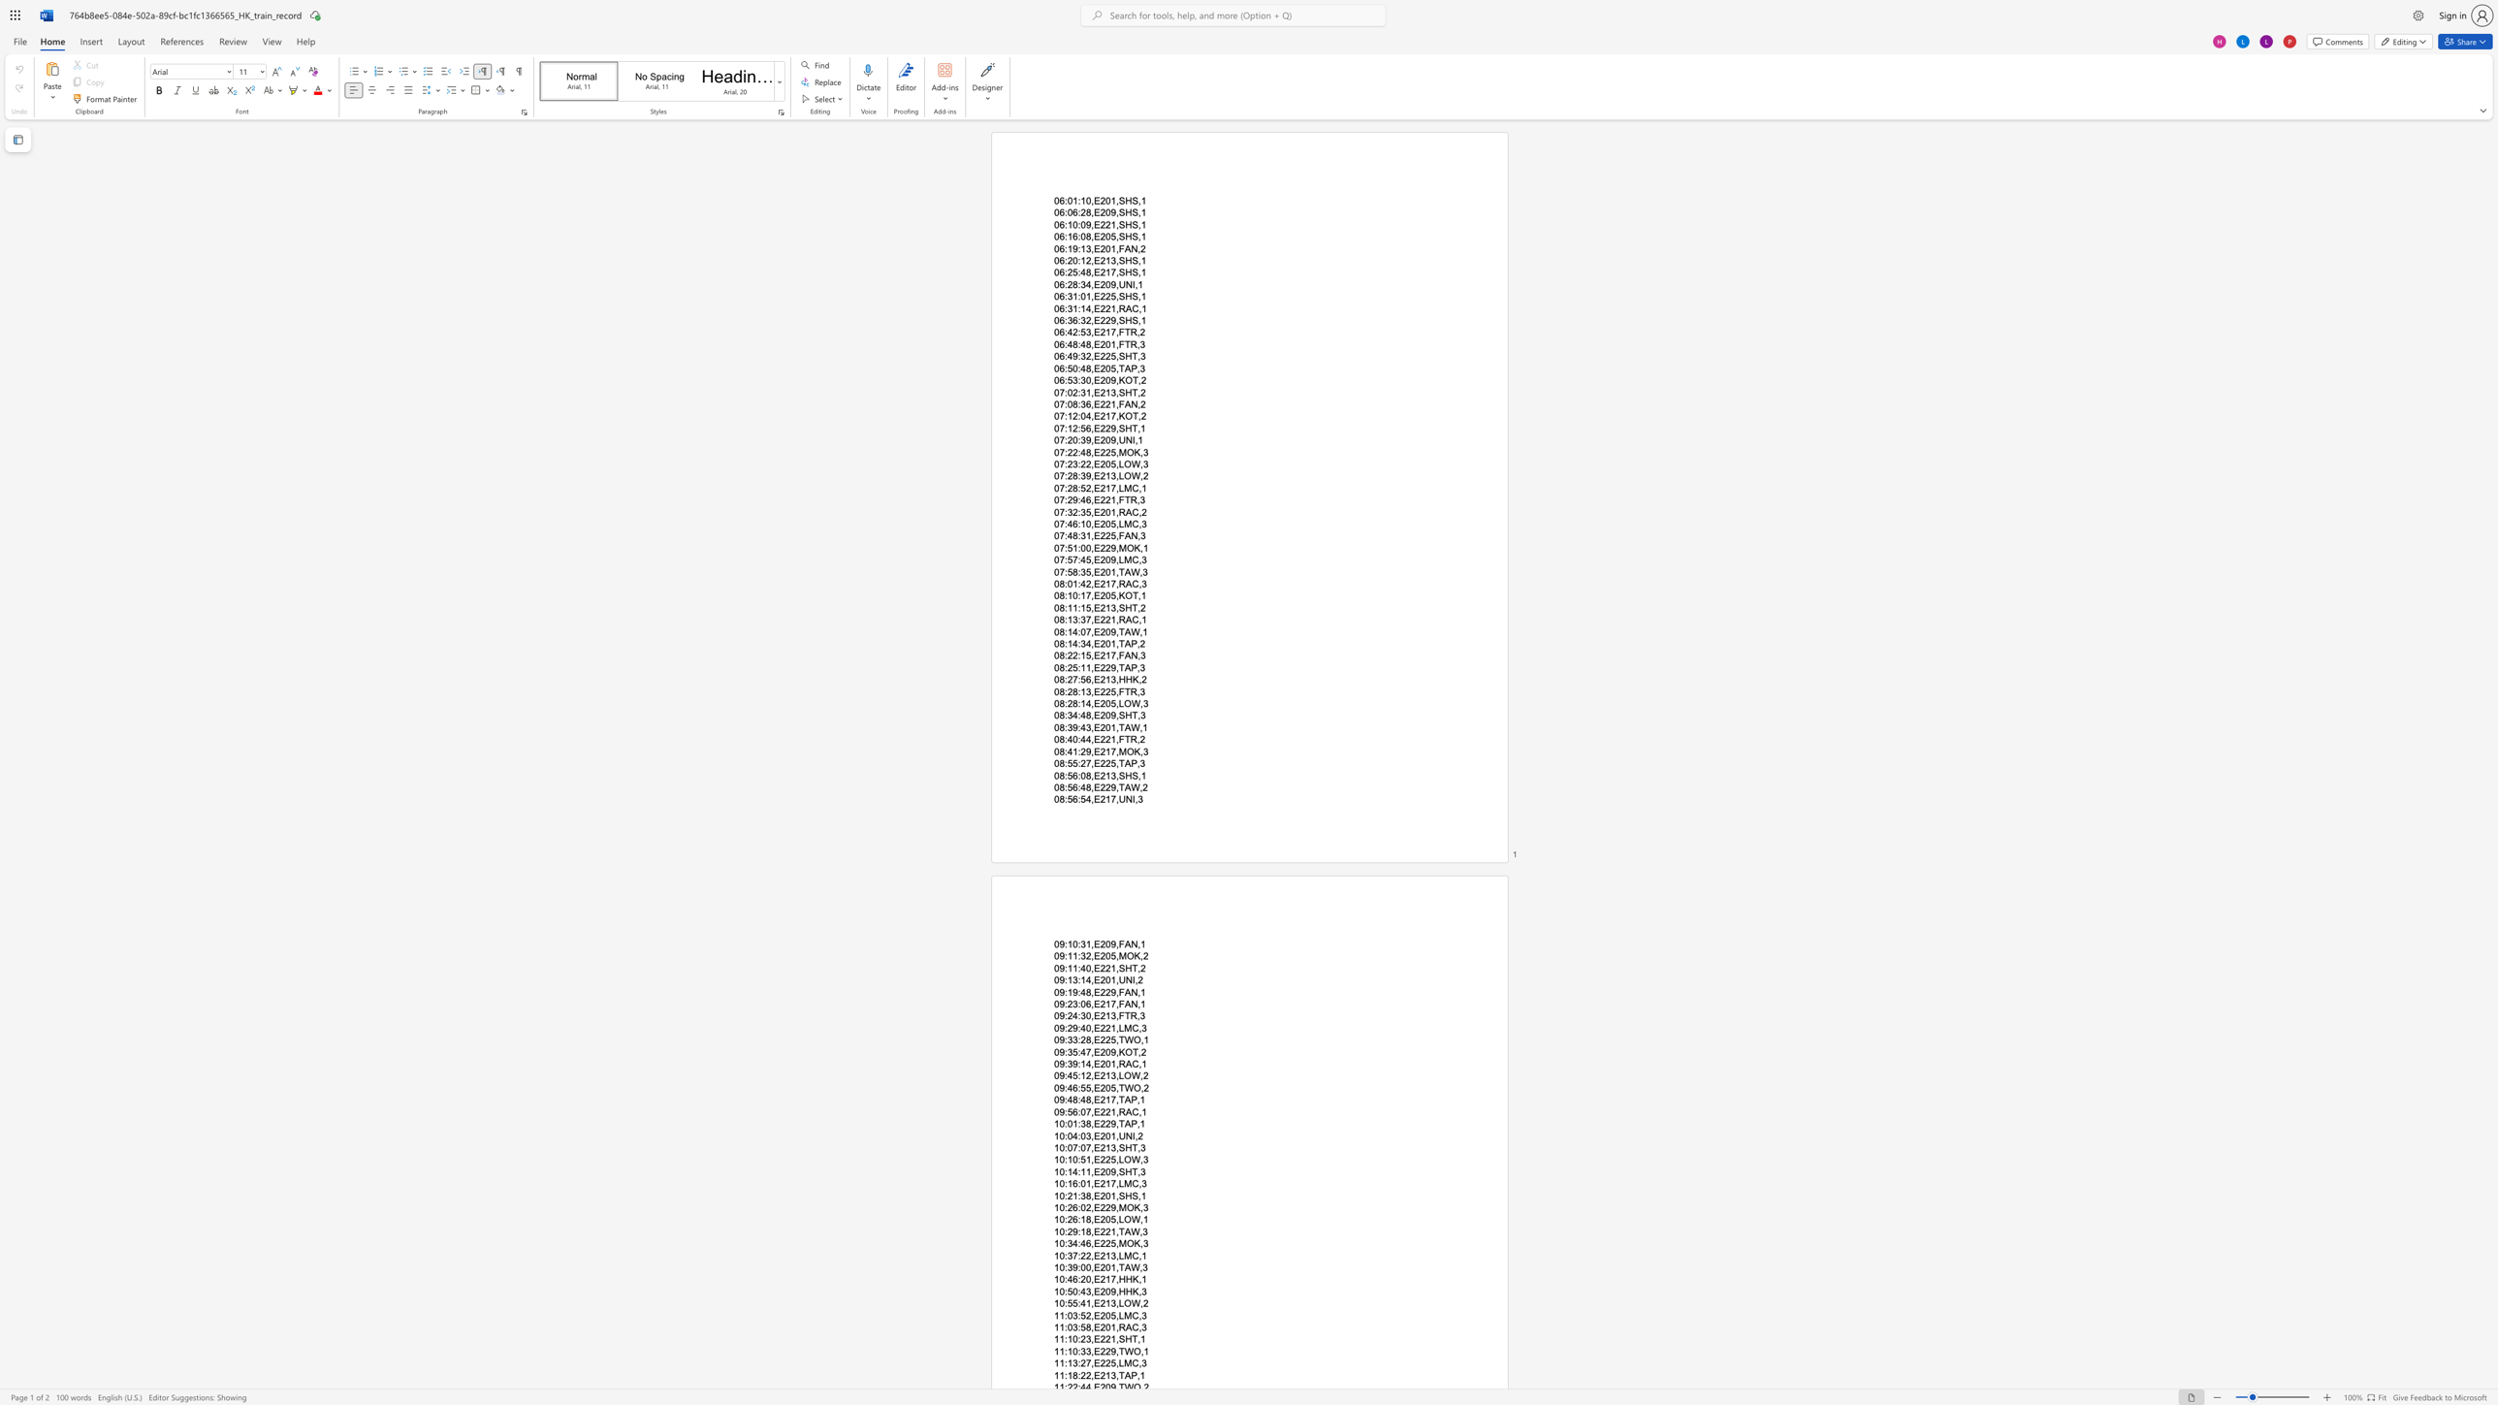 The height and width of the screenshot is (1405, 2498). What do you see at coordinates (1077, 1063) in the screenshot?
I see `the subset text ":14,E201,RAC," within the text "09:39:14,E201,RAC,1"` at bounding box center [1077, 1063].